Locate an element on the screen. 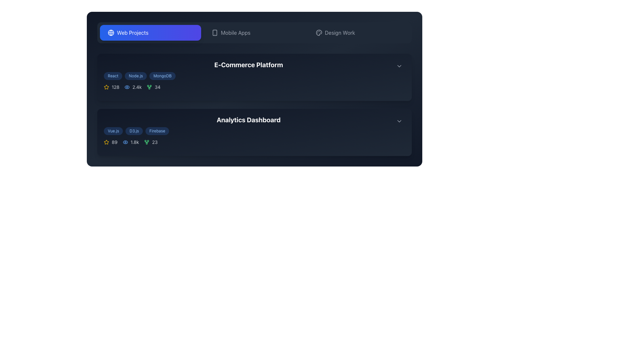 The image size is (629, 354). the button labeled 'Mobile Apps' located in the middle of three buttons, between 'Web Projects' and 'Design Work' is located at coordinates (254, 33).